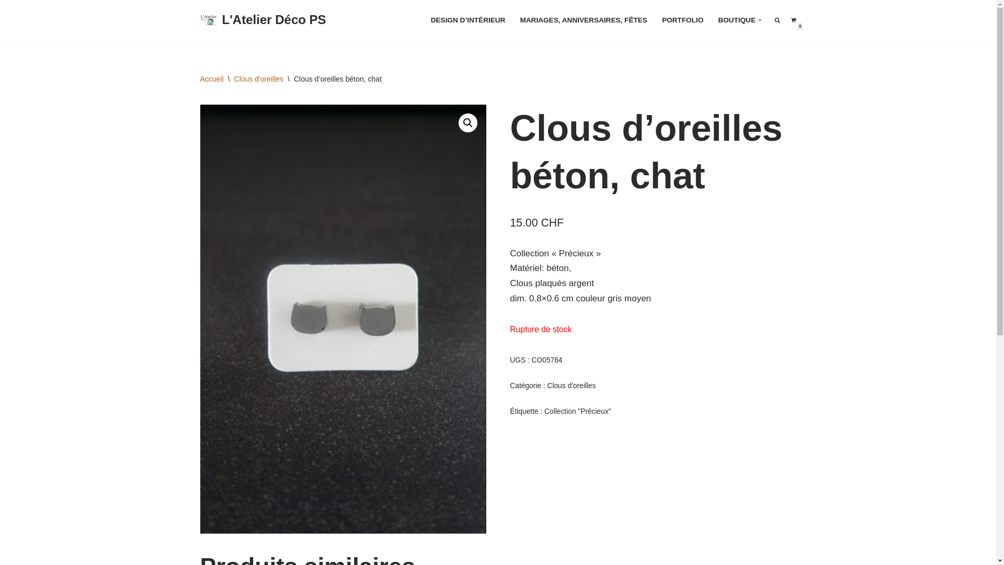 This screenshot has width=1004, height=565. What do you see at coordinates (259, 78) in the screenshot?
I see `'Clous d'oreilles'` at bounding box center [259, 78].